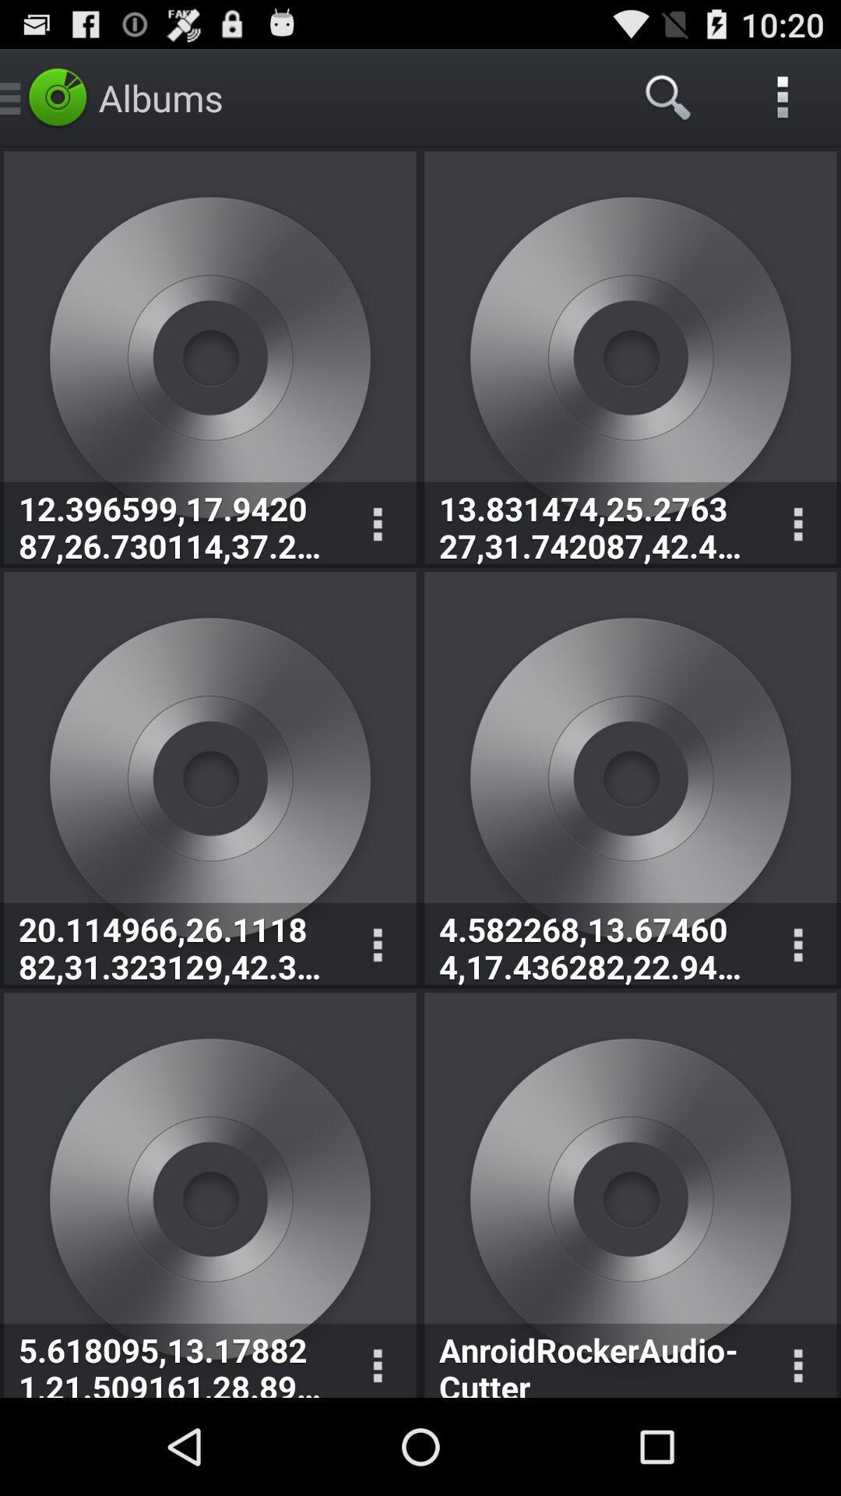 The image size is (841, 1496). Describe the element at coordinates (797, 944) in the screenshot. I see `control the audio` at that location.